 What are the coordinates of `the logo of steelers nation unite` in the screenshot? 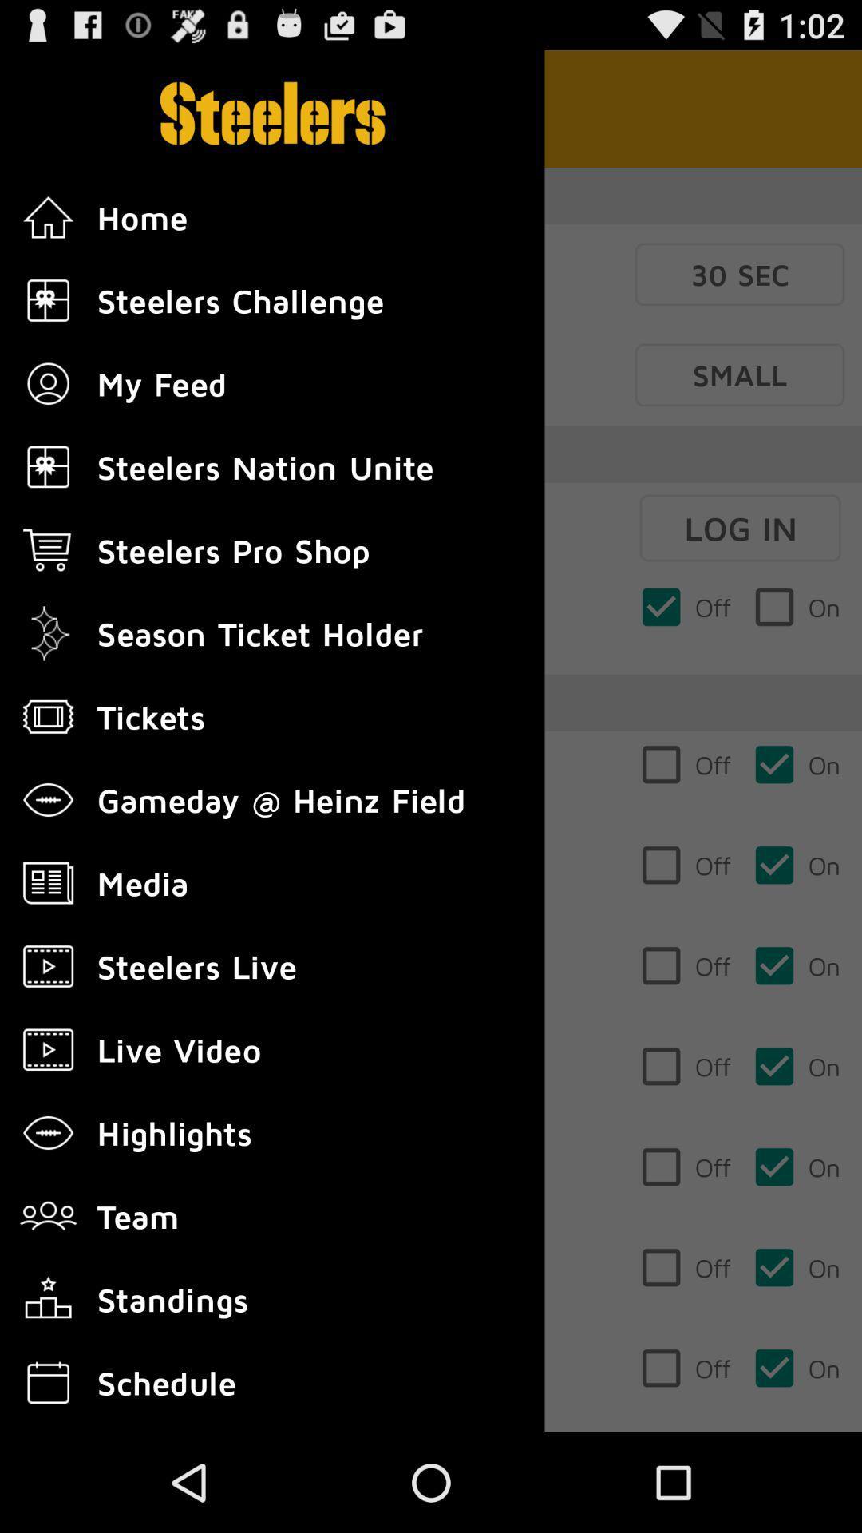 It's located at (48, 466).